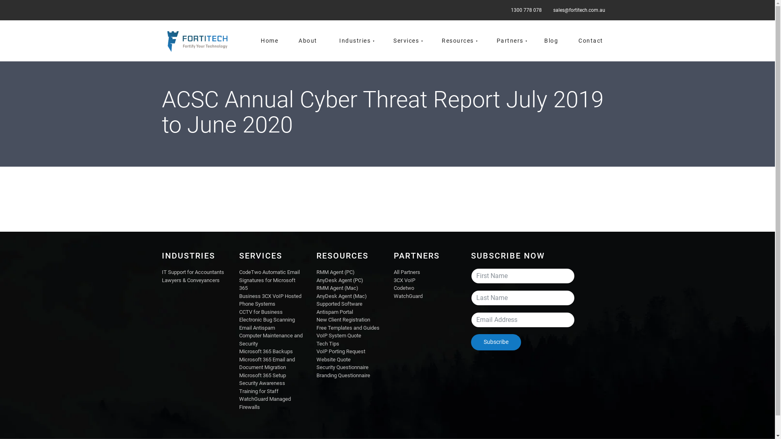  I want to click on 'VoIP System Quote', so click(339, 335).